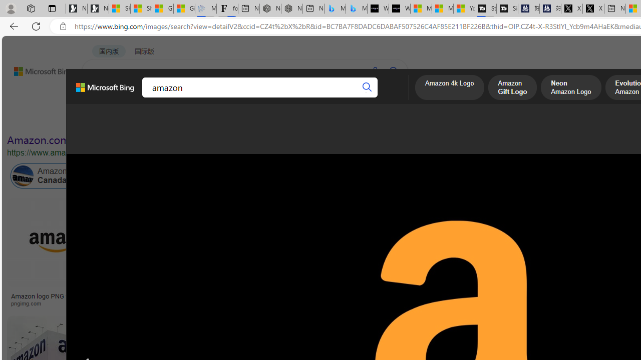 Image resolution: width=641 pixels, height=360 pixels. What do you see at coordinates (37, 68) in the screenshot?
I see `'Back to Bing search'` at bounding box center [37, 68].